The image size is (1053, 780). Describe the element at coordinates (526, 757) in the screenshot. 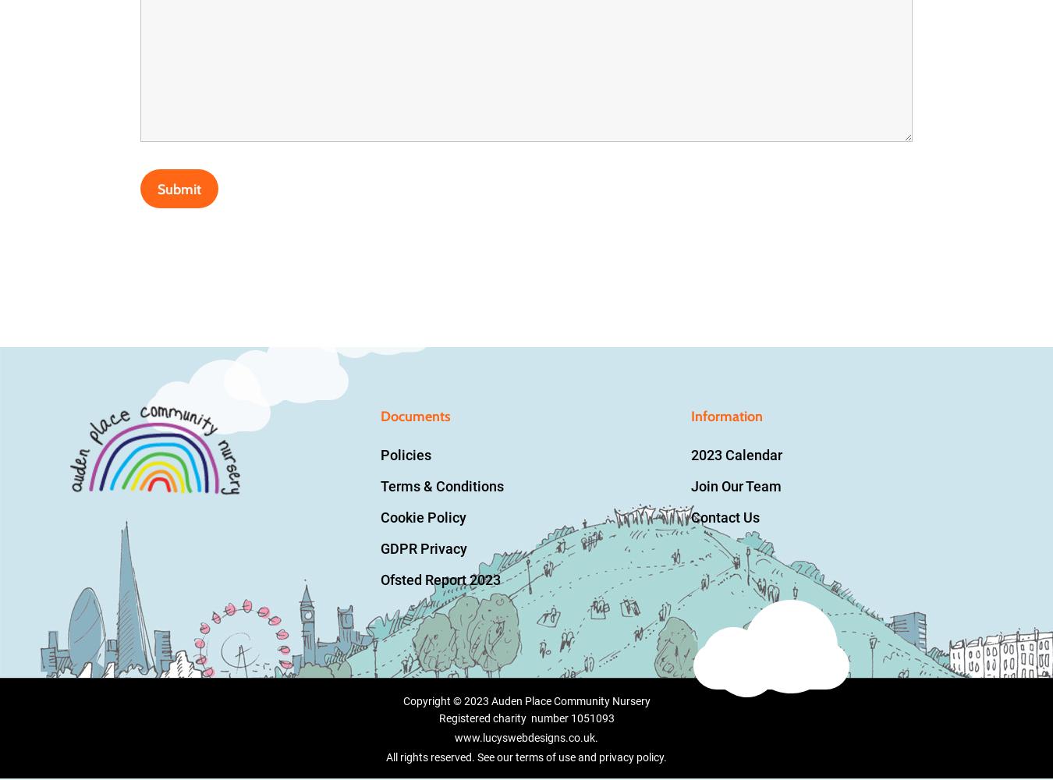

I see `'All rights reserved. See our terms of use and privacy policy.'` at that location.